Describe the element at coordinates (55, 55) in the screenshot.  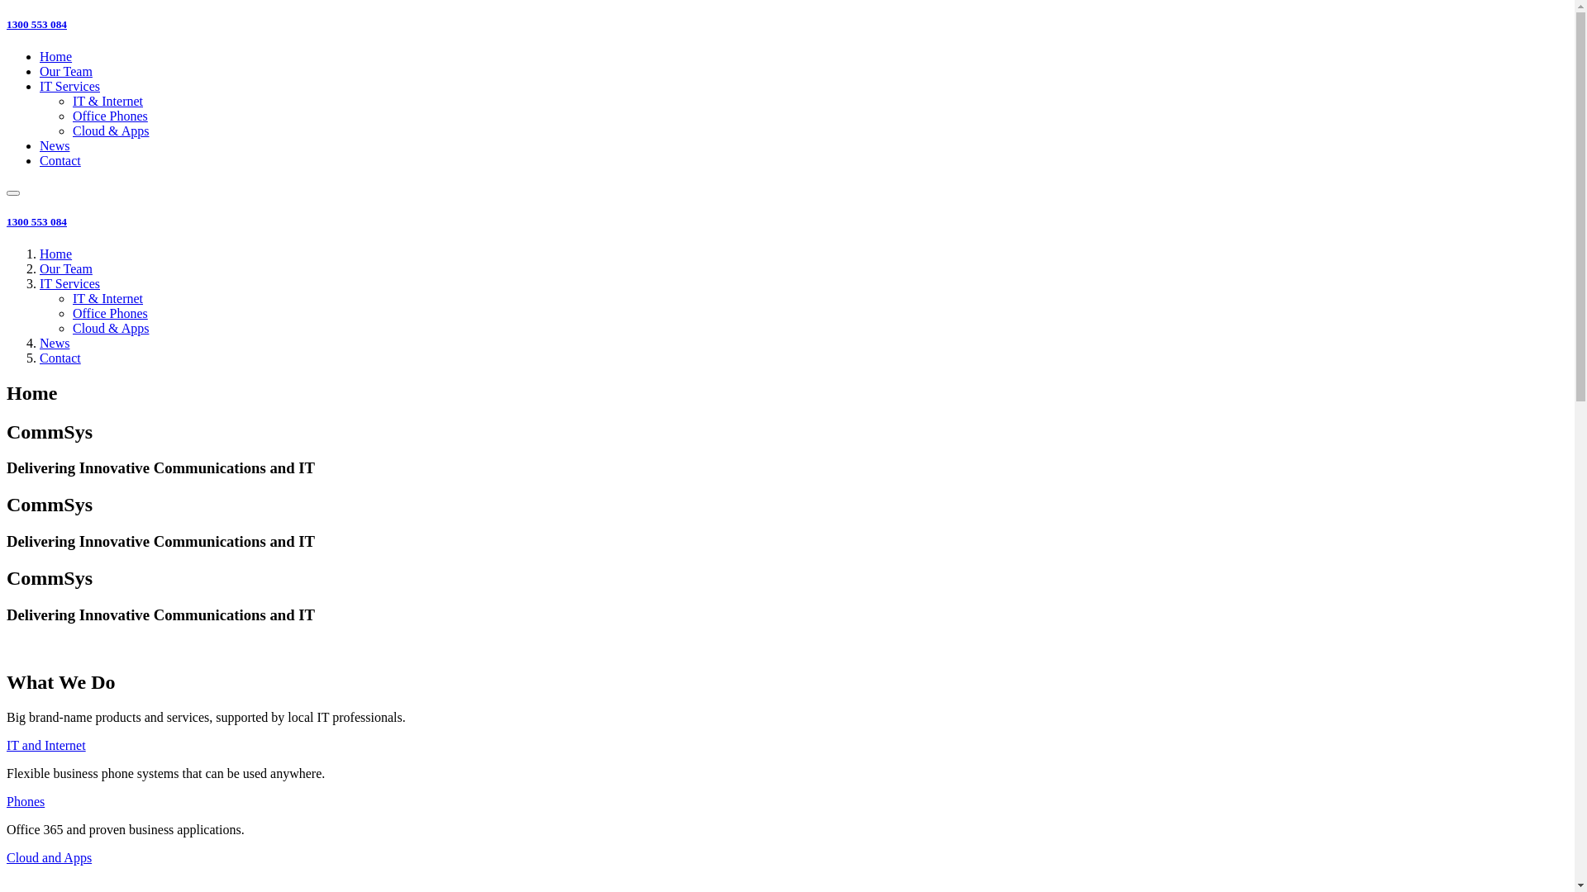
I see `'Home'` at that location.